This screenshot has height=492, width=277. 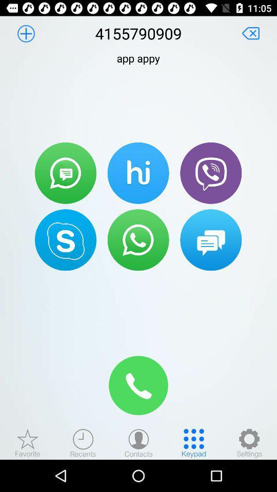 I want to click on the avatar icon, so click(x=138, y=442).